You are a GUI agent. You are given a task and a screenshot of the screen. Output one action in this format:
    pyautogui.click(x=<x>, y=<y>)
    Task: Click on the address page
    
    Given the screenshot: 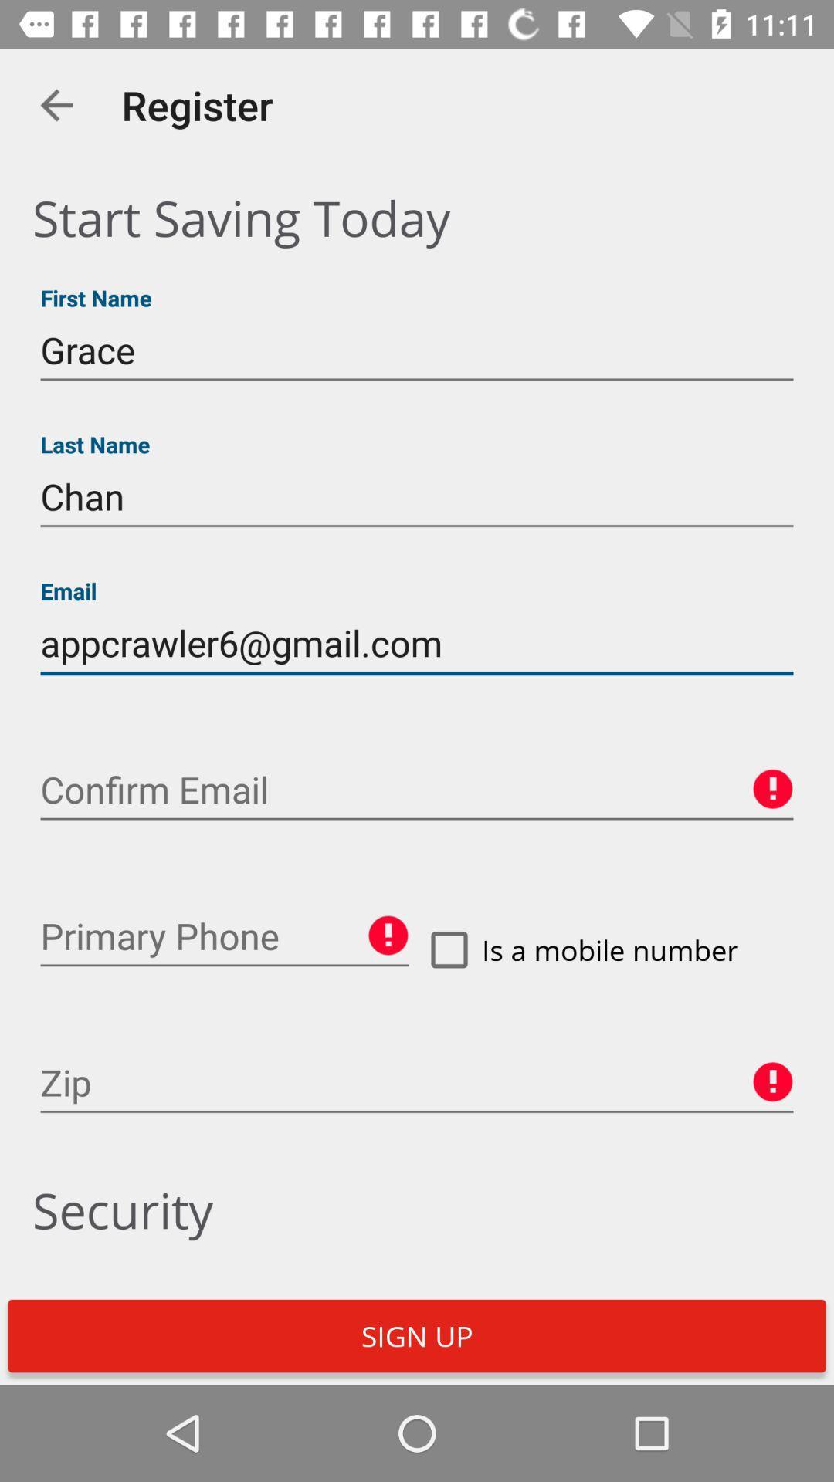 What is the action you would take?
    pyautogui.click(x=224, y=936)
    